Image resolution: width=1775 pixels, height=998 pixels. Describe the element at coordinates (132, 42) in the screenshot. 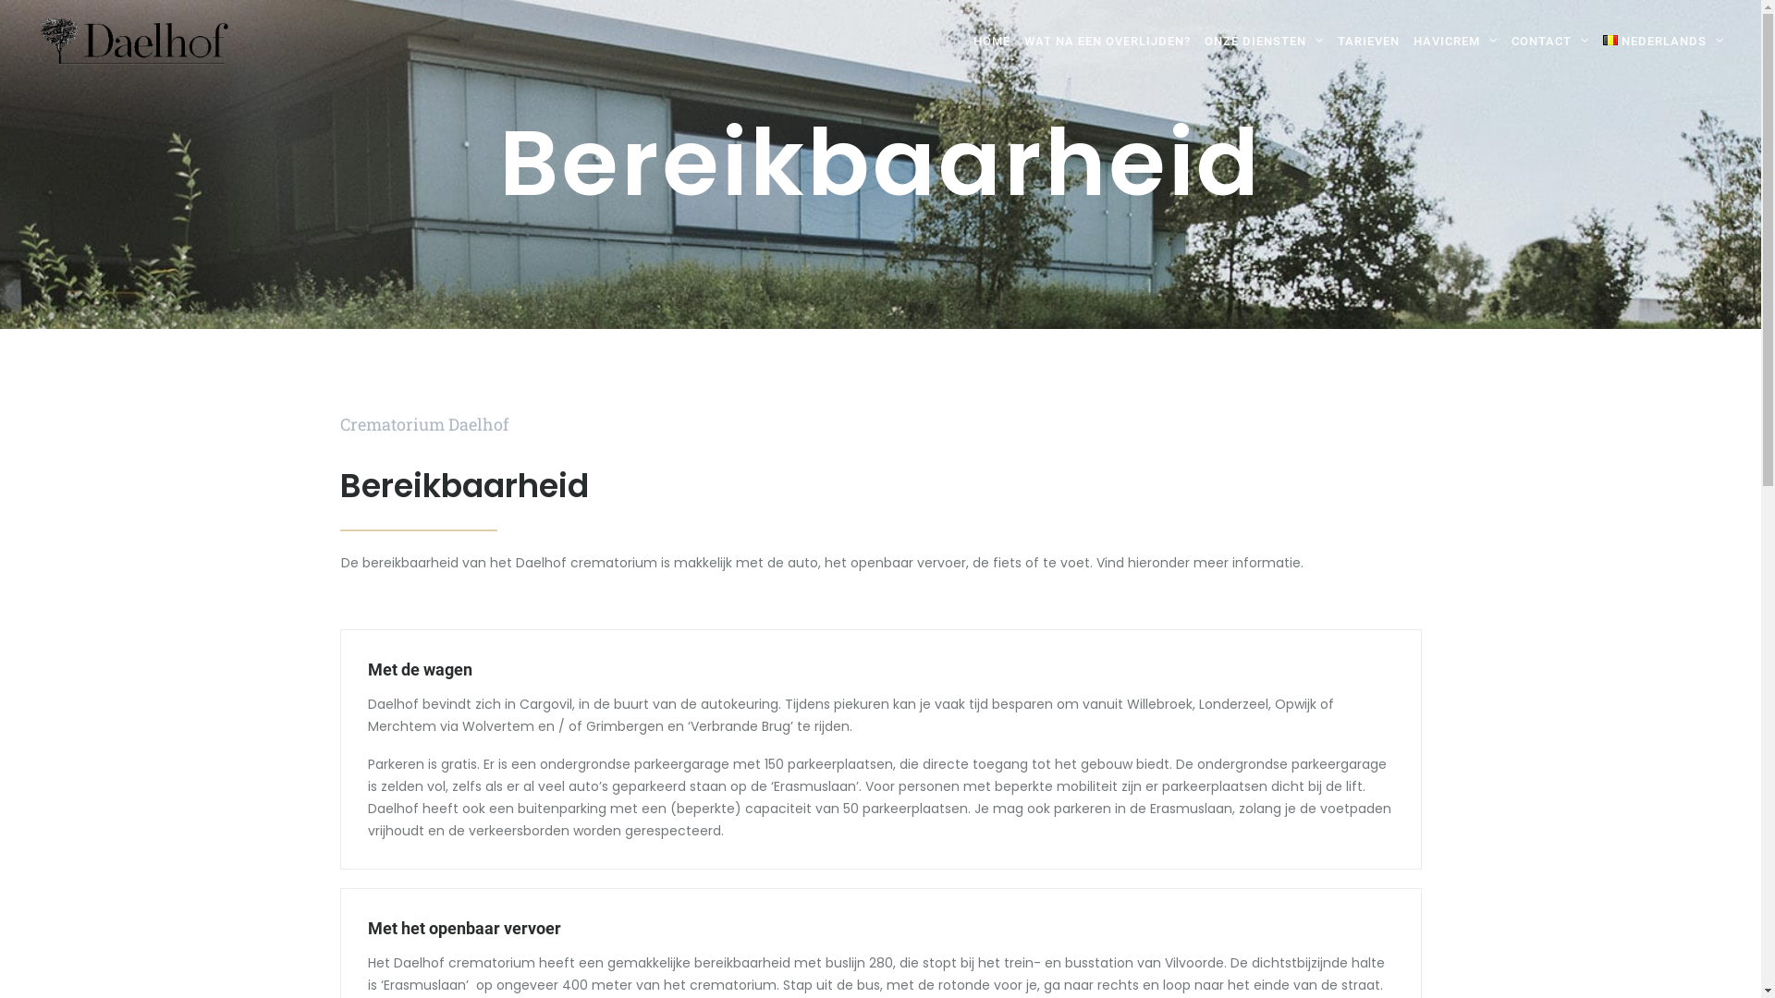

I see `'Crematorium Daelhof'` at that location.